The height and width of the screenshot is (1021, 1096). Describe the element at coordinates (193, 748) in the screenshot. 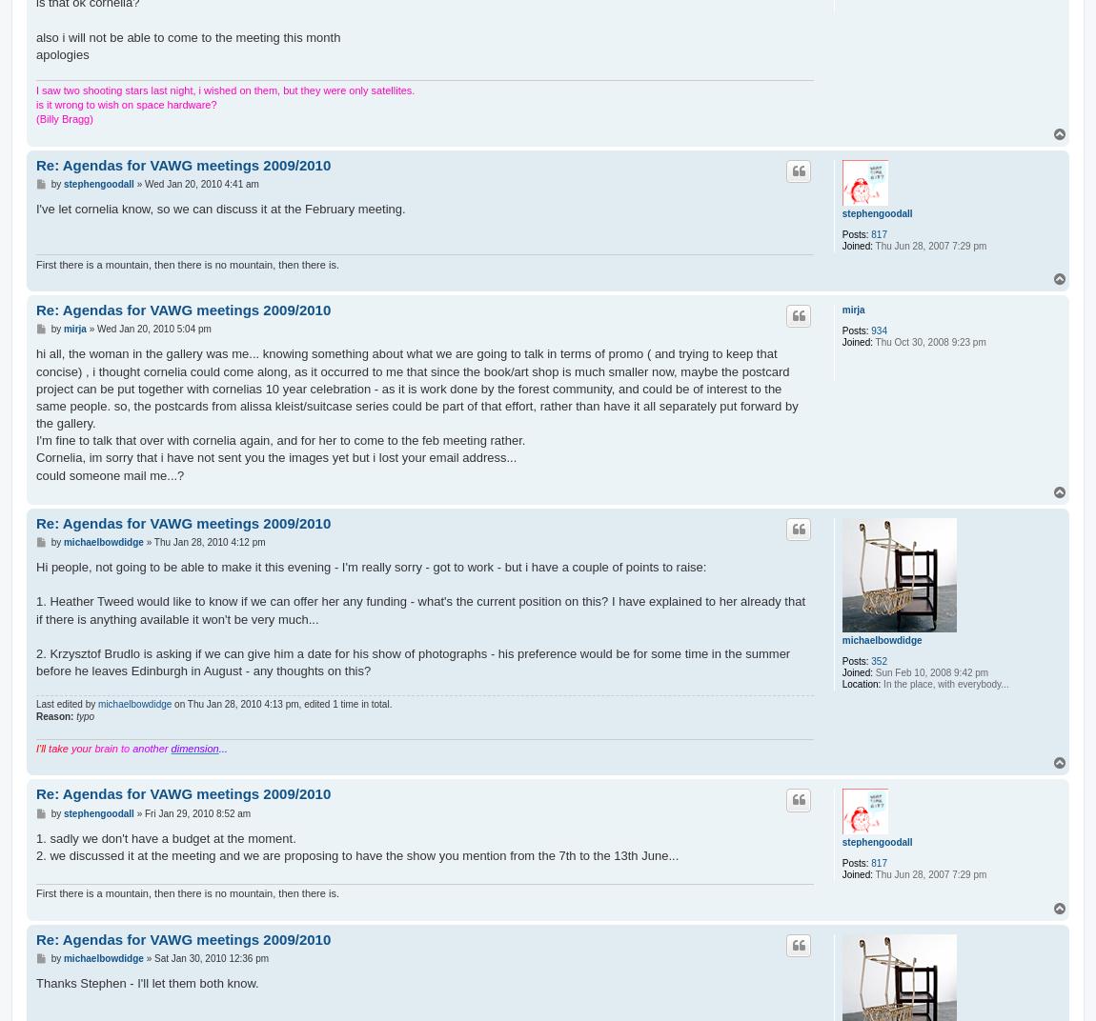

I see `'dimension'` at that location.